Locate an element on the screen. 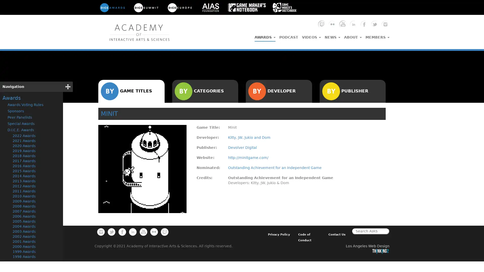 This screenshot has width=484, height=272. NEWS is located at coordinates (332, 36).